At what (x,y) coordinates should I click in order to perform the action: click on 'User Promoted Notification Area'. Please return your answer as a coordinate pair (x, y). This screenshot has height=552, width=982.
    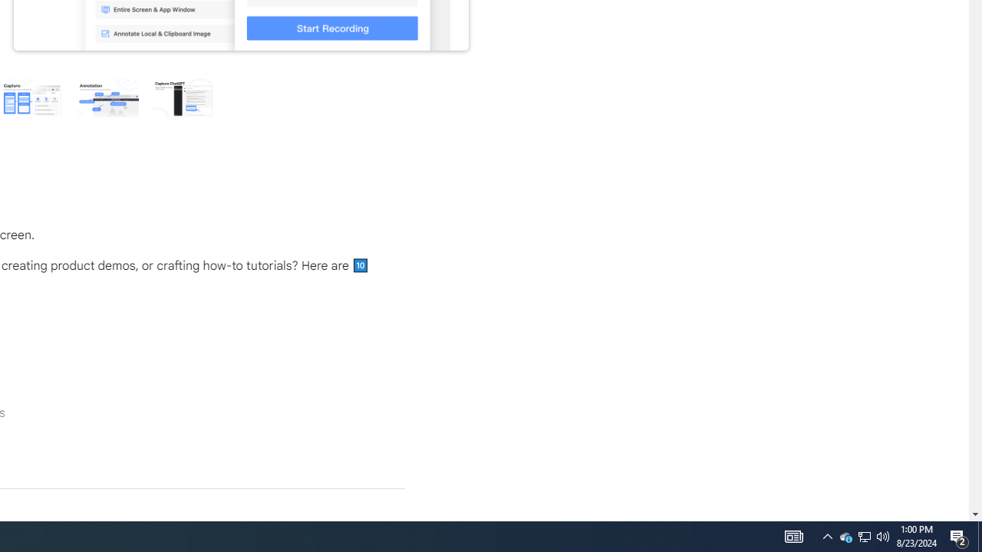
    Looking at the image, I should click on (865, 535).